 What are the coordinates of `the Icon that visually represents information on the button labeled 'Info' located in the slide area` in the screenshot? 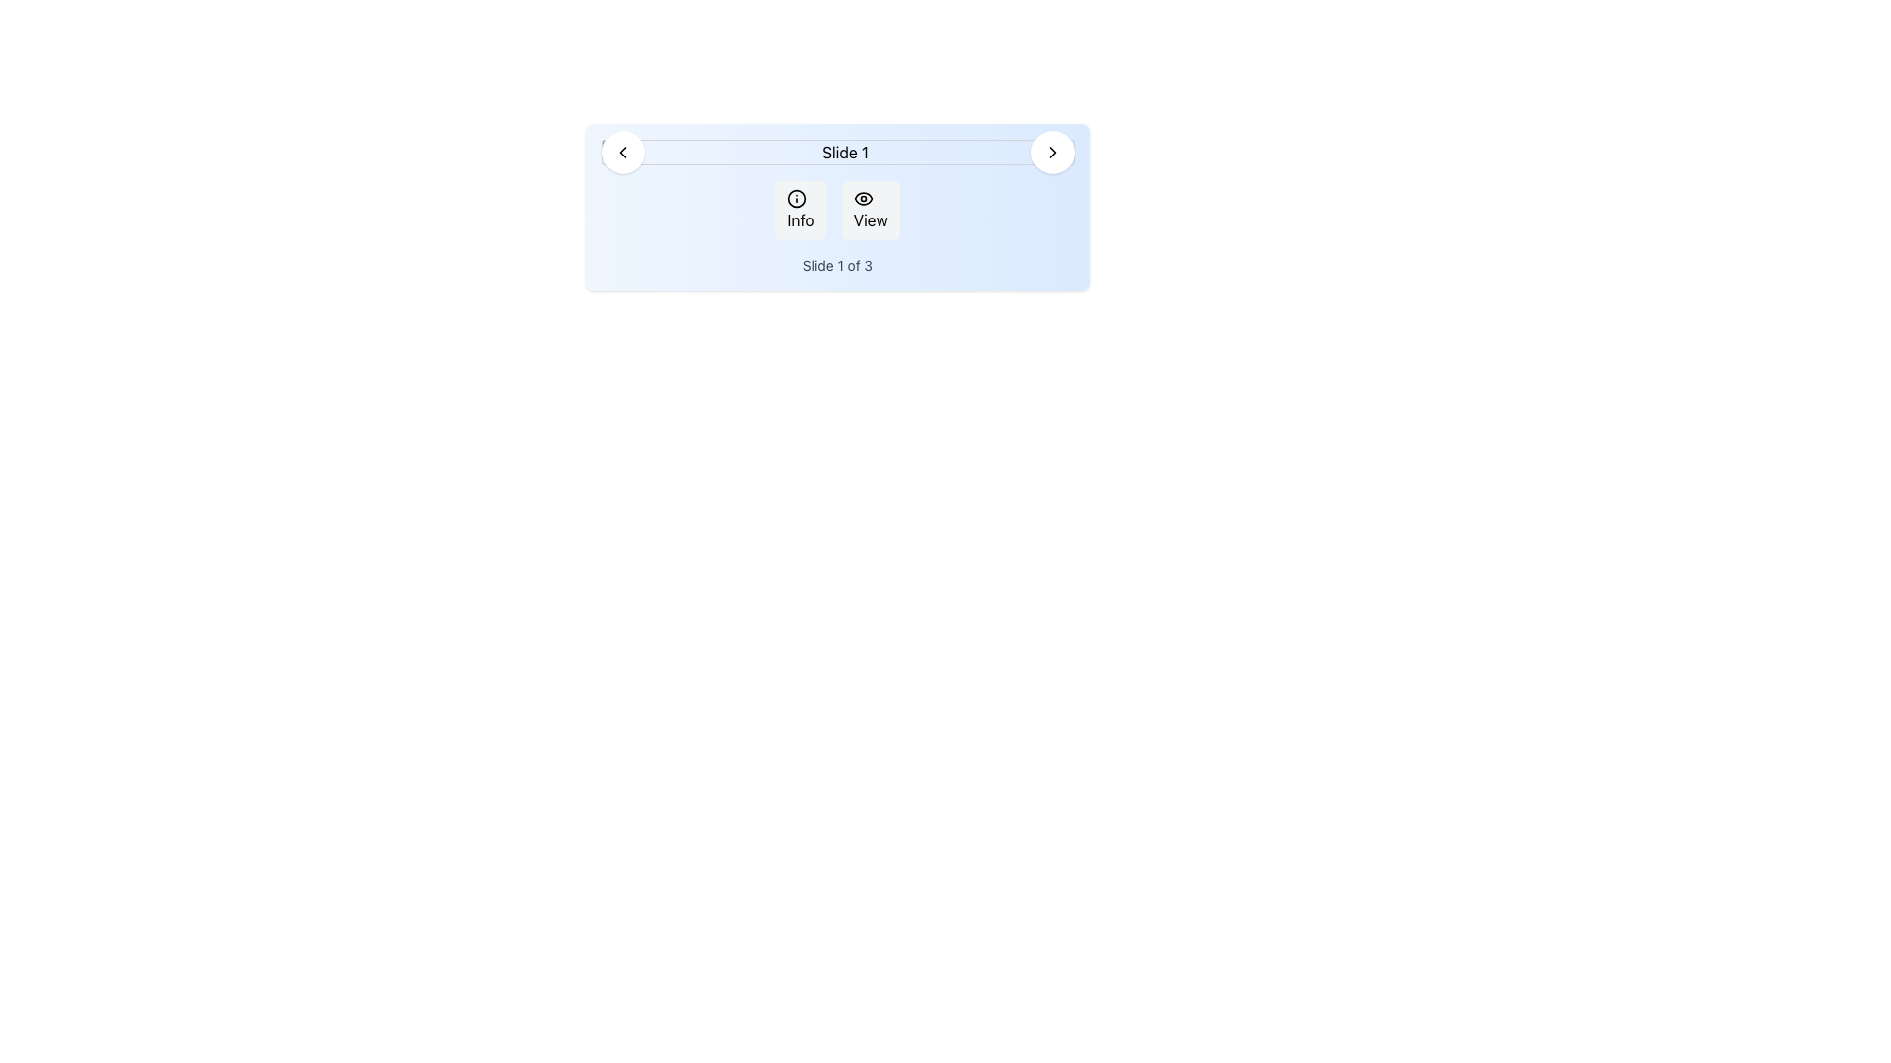 It's located at (797, 198).